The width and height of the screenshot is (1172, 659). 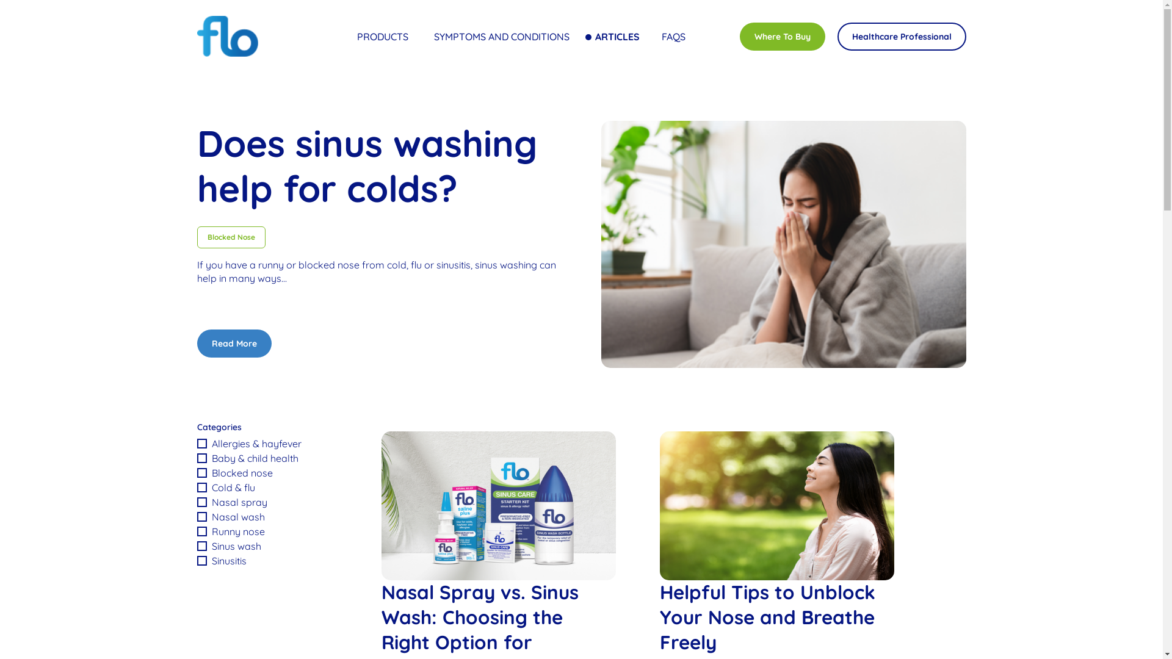 What do you see at coordinates (383, 36) in the screenshot?
I see `'PRODUCTS'` at bounding box center [383, 36].